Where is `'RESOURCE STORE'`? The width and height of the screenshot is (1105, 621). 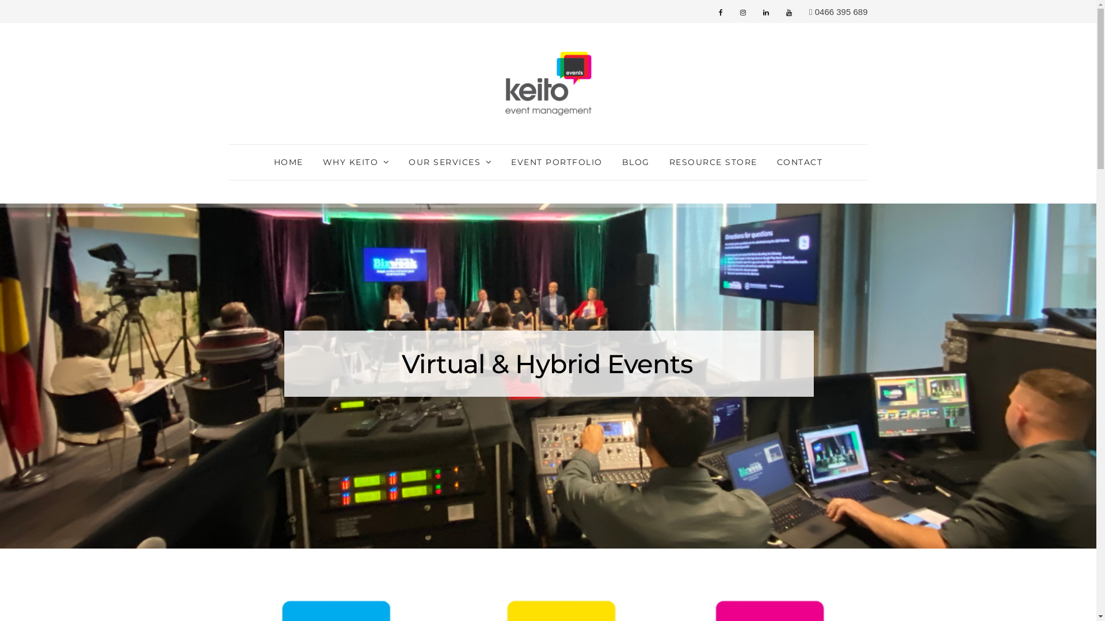 'RESOURCE STORE' is located at coordinates (712, 162).